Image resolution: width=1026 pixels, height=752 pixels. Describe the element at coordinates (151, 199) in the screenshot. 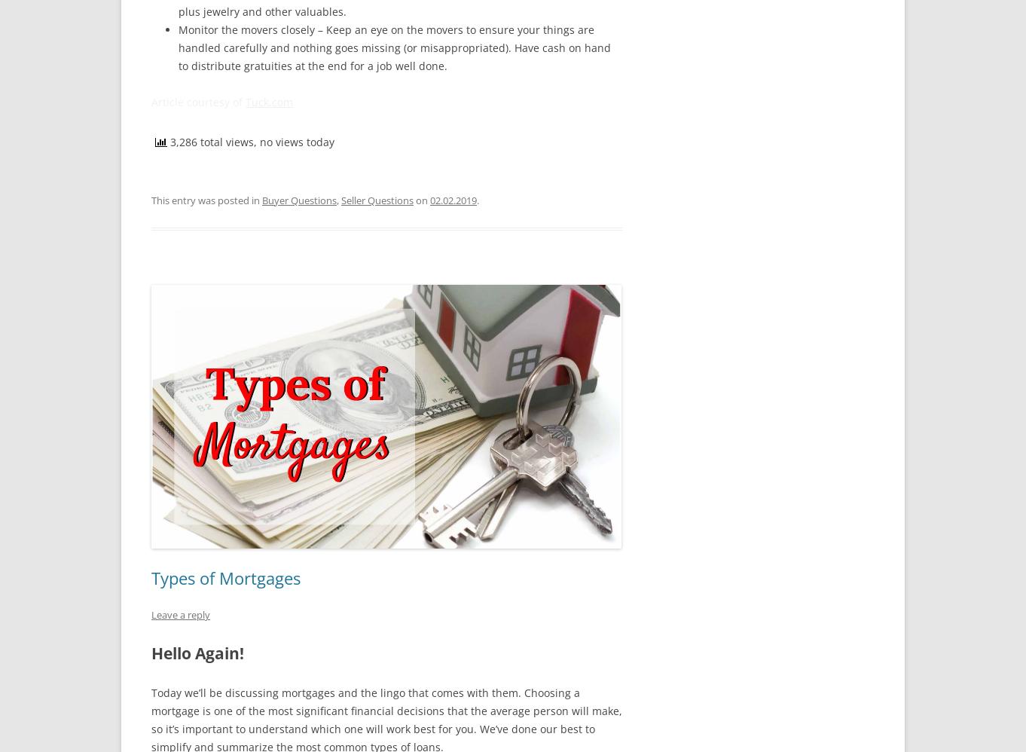

I see `'This entry was posted in'` at that location.